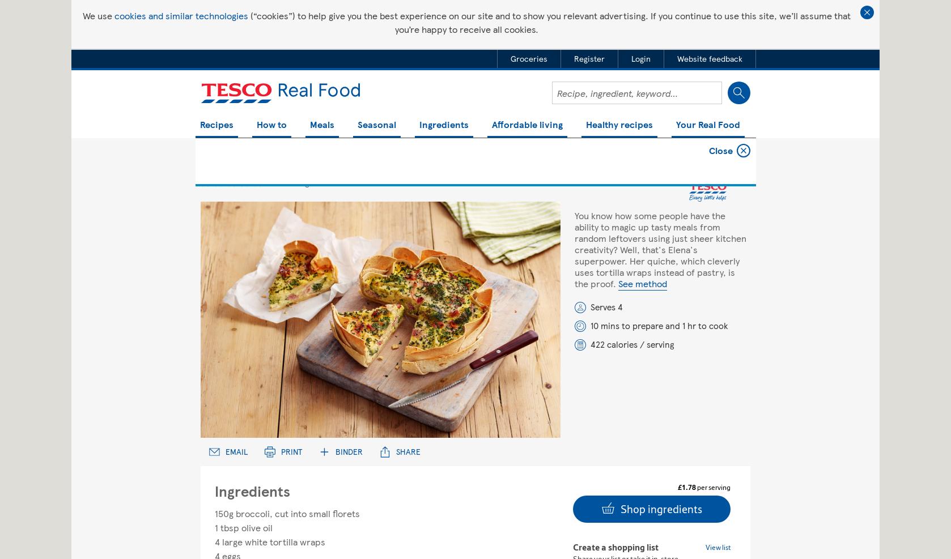 This screenshot has width=951, height=559. What do you see at coordinates (527, 124) in the screenshot?
I see `'Affordable living'` at bounding box center [527, 124].